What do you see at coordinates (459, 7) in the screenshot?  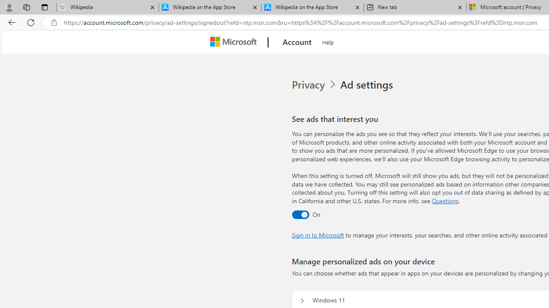 I see `'Close tab'` at bounding box center [459, 7].